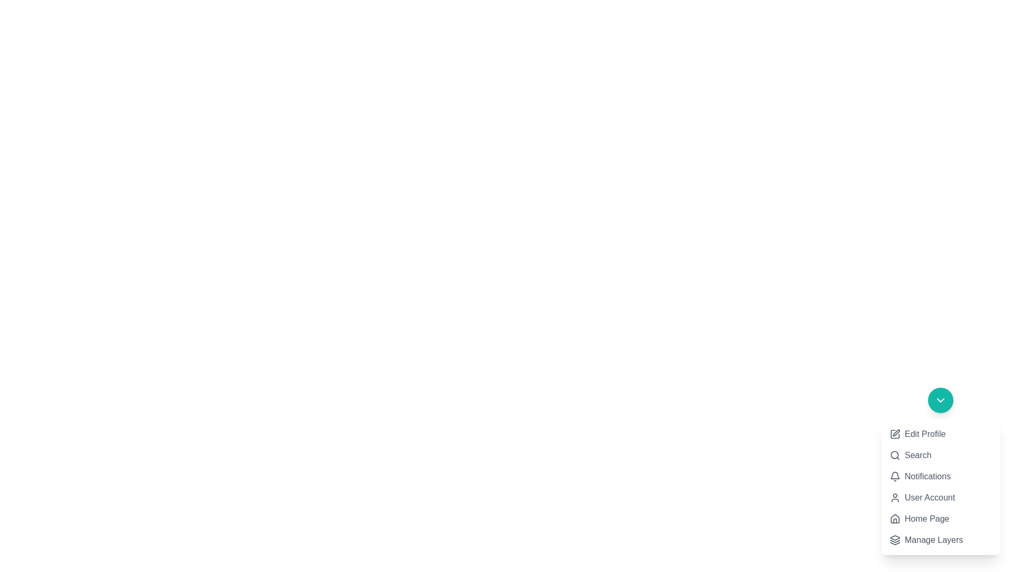 The height and width of the screenshot is (572, 1017). Describe the element at coordinates (894, 518) in the screenshot. I see `the small house-shaped icon that is aligned left of the 'Home Page' text label` at that location.